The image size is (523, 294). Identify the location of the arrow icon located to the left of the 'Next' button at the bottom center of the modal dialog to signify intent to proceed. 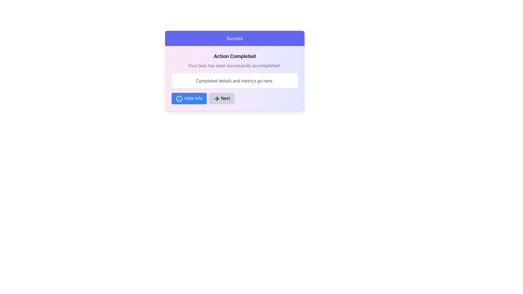
(216, 99).